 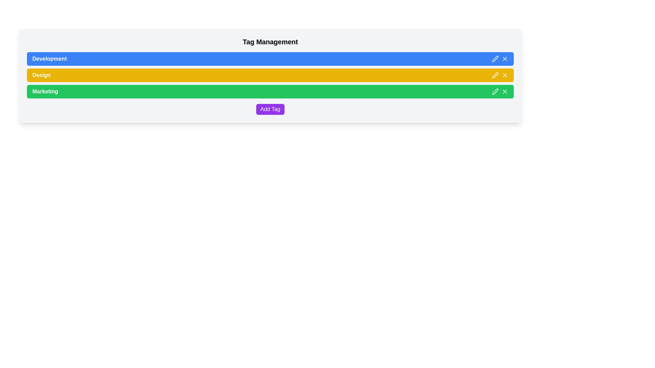 I want to click on the close icon button located in the top-right corner of the yellow 'Design' tag panel, so click(x=505, y=75).